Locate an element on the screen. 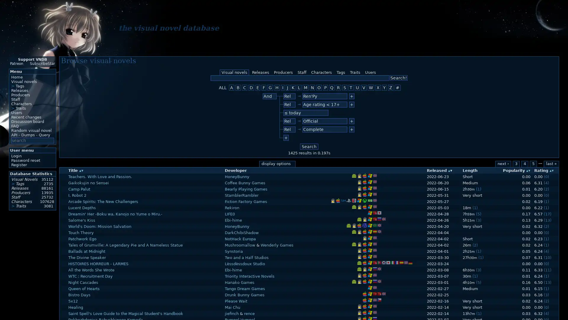 This screenshot has width=568, height=320. F is located at coordinates (264, 88).